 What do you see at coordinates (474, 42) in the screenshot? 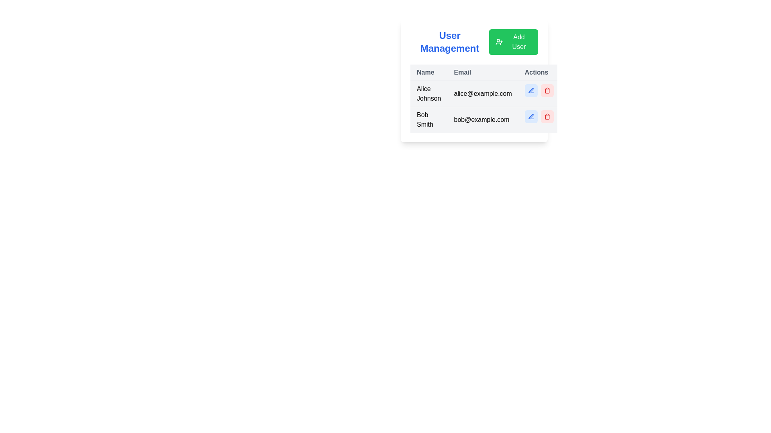
I see `the 'Add User' button in the 'User Management' section` at bounding box center [474, 42].